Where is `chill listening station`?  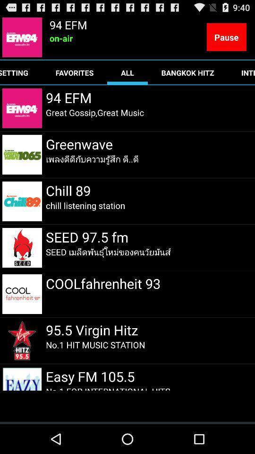
chill listening station is located at coordinates (85, 205).